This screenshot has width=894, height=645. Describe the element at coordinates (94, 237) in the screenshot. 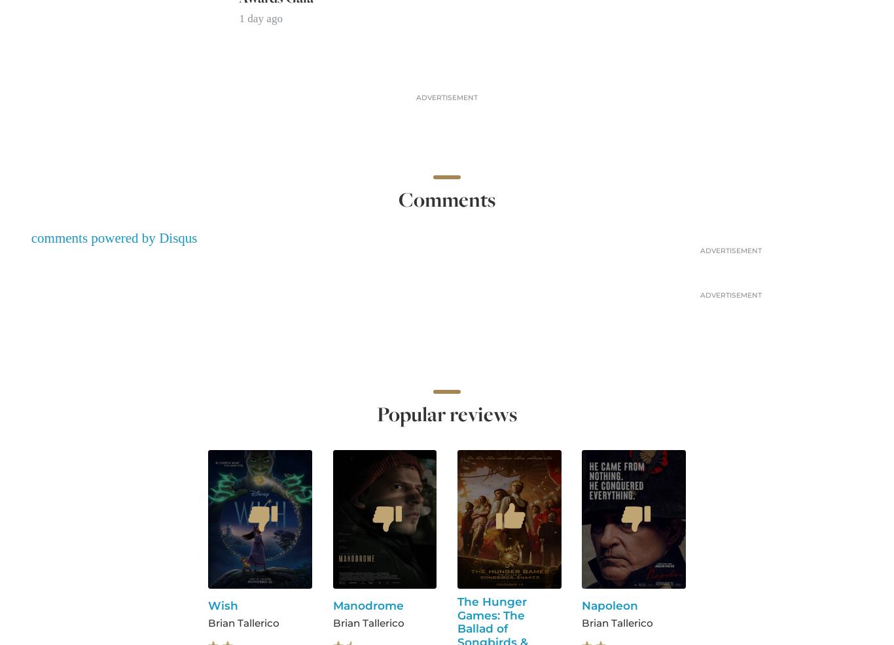

I see `'comments powered by'` at that location.